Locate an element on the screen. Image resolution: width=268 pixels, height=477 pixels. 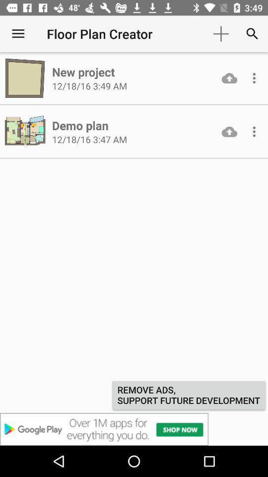
autoplay option is located at coordinates (254, 131).